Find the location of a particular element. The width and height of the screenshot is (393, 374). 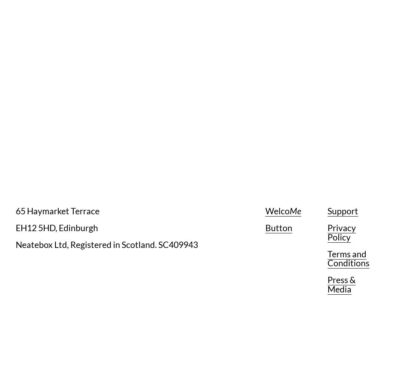

'EH12 5HD, Edinburgh' is located at coordinates (57, 227).